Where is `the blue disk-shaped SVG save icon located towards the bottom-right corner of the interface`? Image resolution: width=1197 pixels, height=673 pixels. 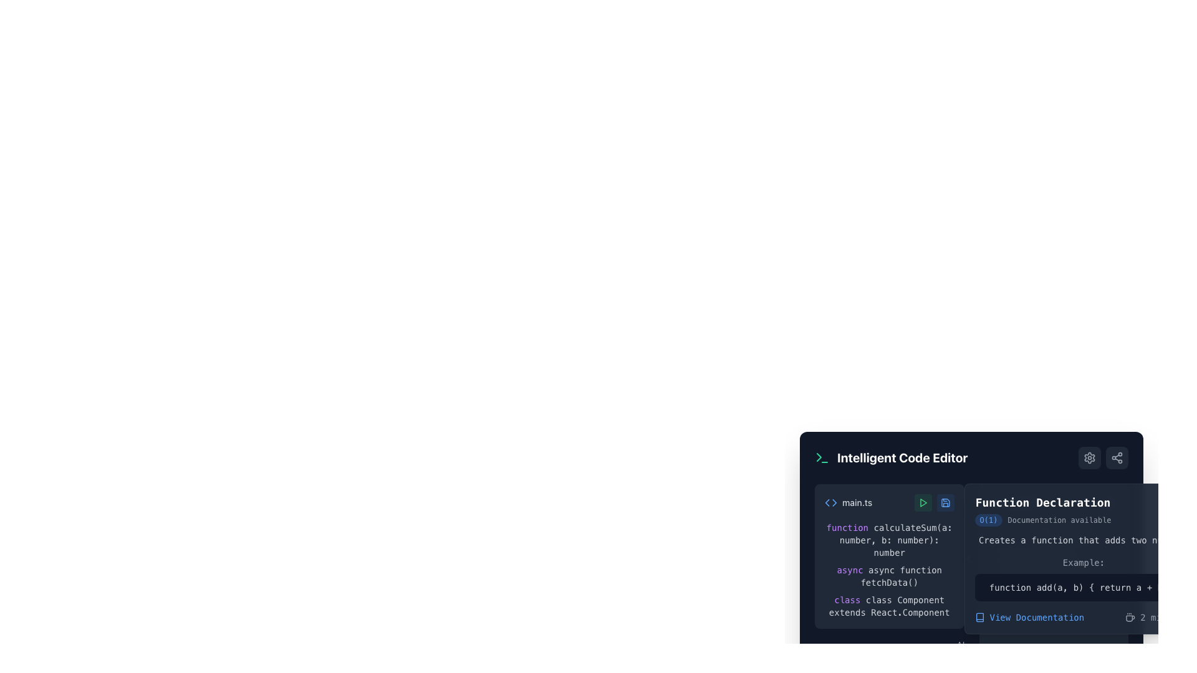
the blue disk-shaped SVG save icon located towards the bottom-right corner of the interface is located at coordinates (945, 502).